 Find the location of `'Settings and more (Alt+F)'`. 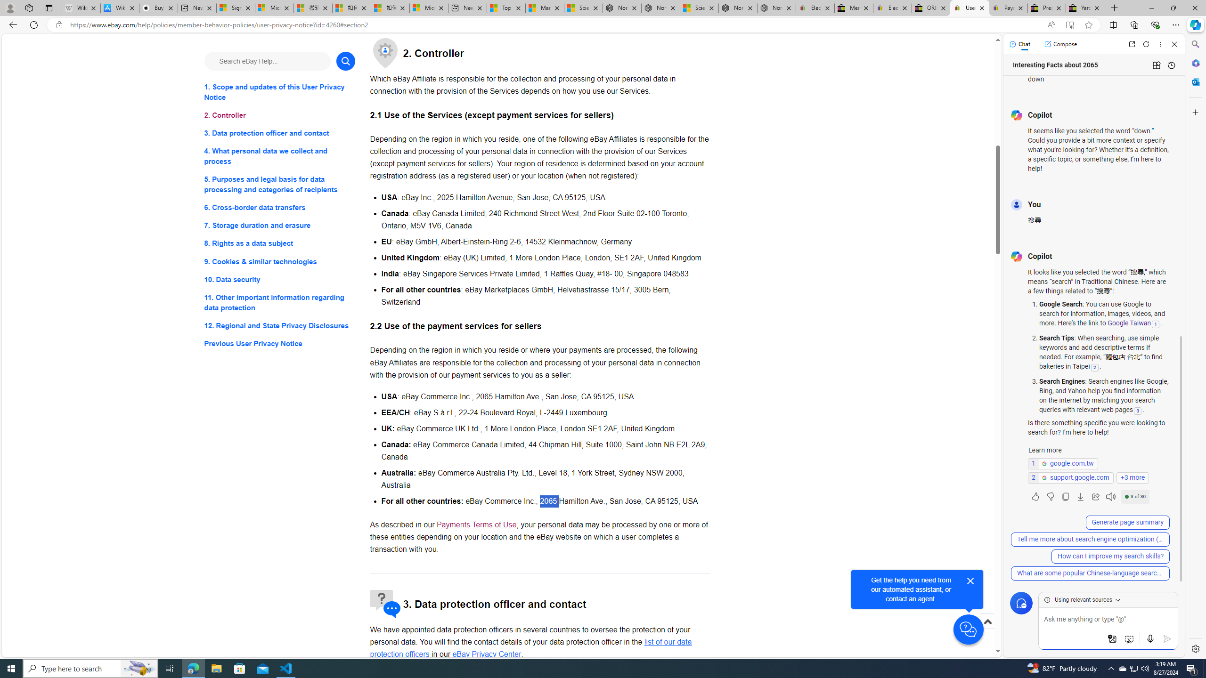

'Settings and more (Alt+F)' is located at coordinates (1175, 24).